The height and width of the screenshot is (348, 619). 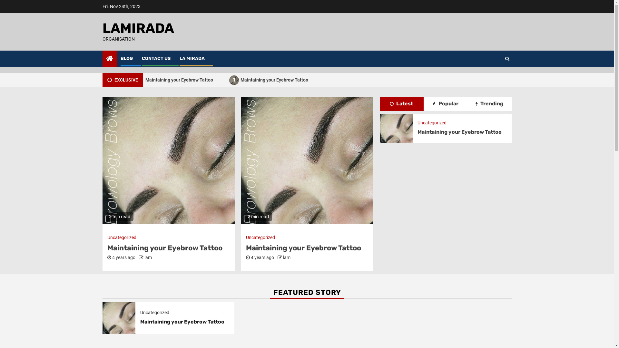 I want to click on 'Latest', so click(x=401, y=103).